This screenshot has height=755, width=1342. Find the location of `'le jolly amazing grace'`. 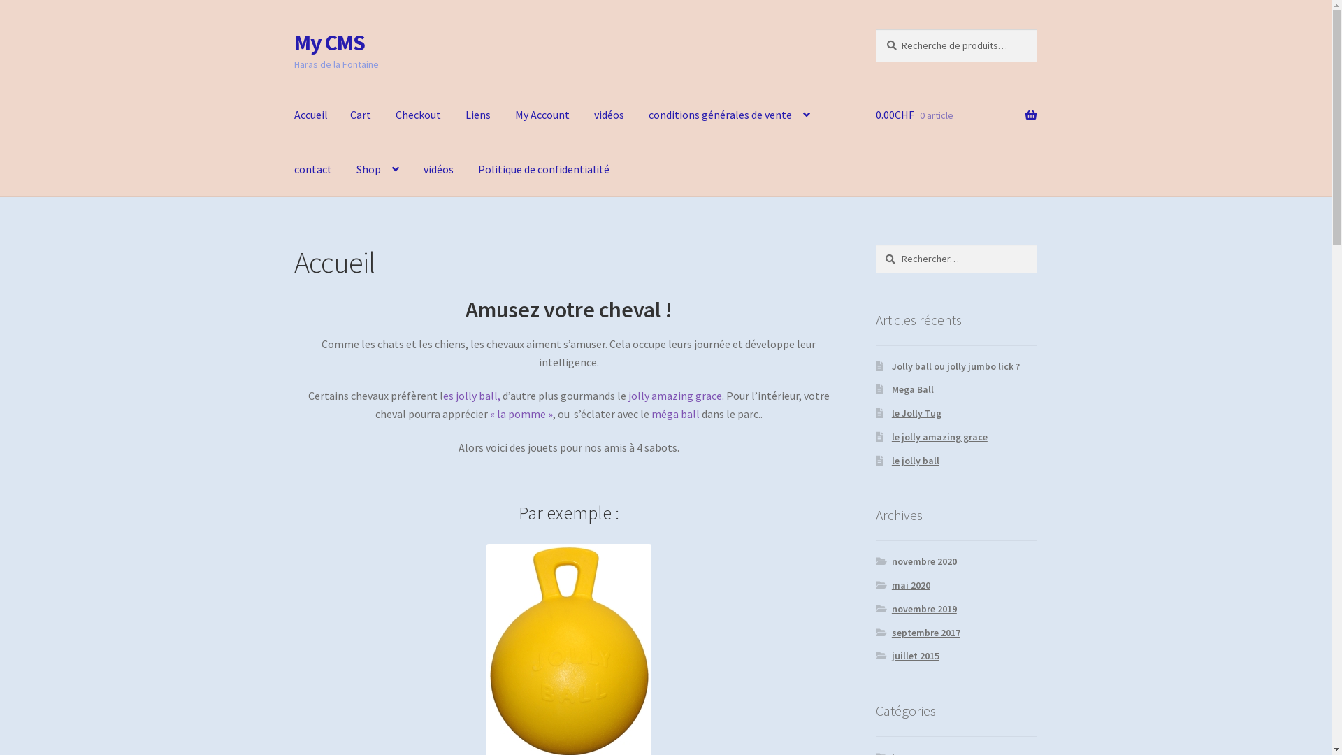

'le jolly amazing grace' is located at coordinates (891, 436).